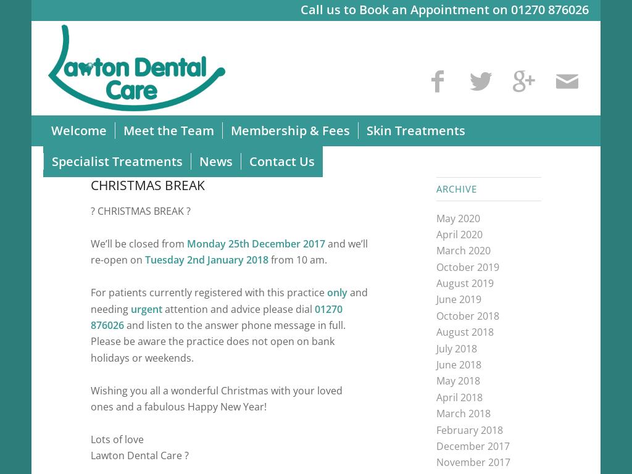 The image size is (632, 474). I want to click on 'Specialist Treatments', so click(117, 160).